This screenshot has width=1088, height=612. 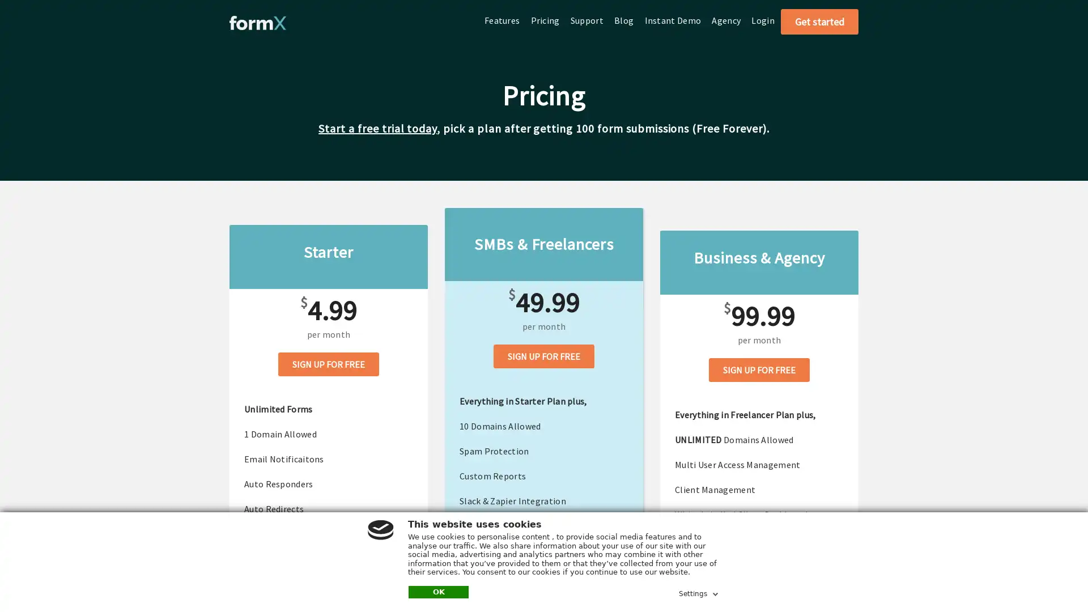 I want to click on SIGN UP FOR FREE, so click(x=328, y=363).